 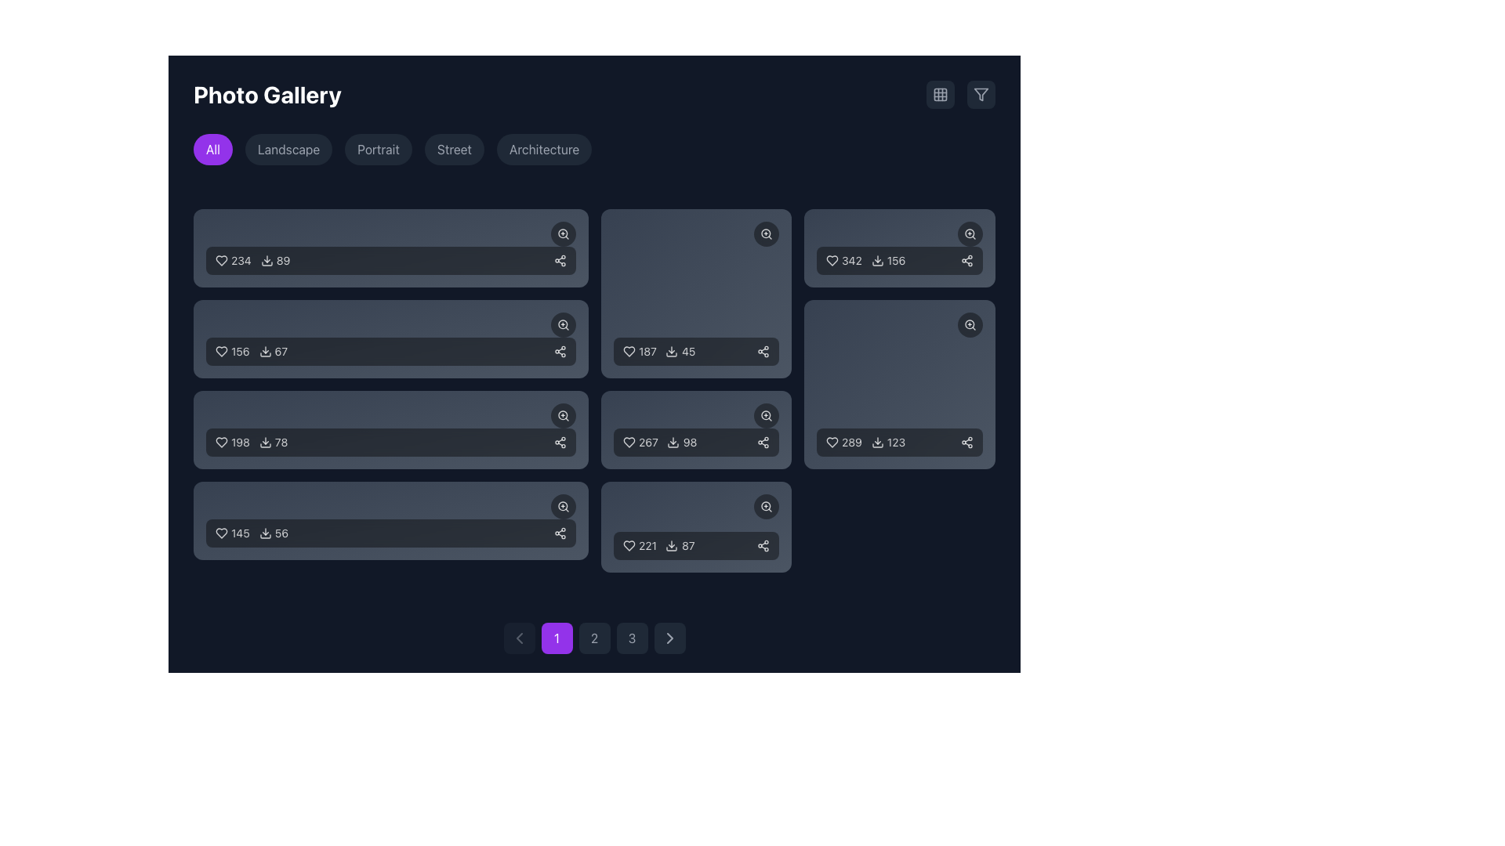 I want to click on the heart-shaped icon used to represent a 'like' or 'favorite' action, located in the second box of the grid layout on the main interface, so click(x=221, y=350).